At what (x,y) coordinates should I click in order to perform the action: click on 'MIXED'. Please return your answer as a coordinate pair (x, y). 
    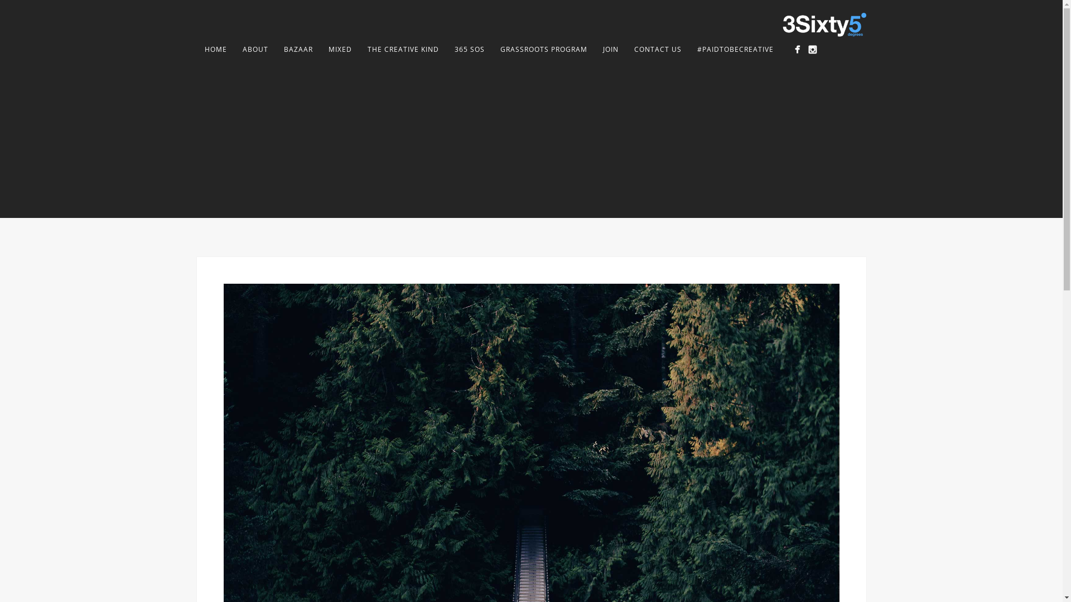
    Looking at the image, I should click on (320, 48).